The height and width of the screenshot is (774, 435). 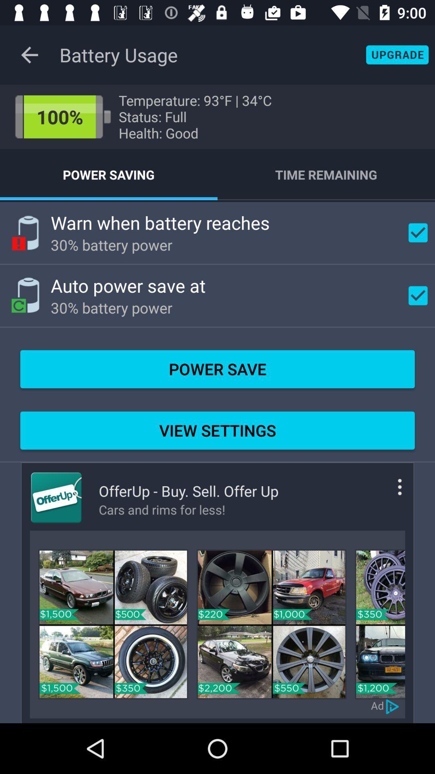 I want to click on the icon above the warn when battery item, so click(x=326, y=174).